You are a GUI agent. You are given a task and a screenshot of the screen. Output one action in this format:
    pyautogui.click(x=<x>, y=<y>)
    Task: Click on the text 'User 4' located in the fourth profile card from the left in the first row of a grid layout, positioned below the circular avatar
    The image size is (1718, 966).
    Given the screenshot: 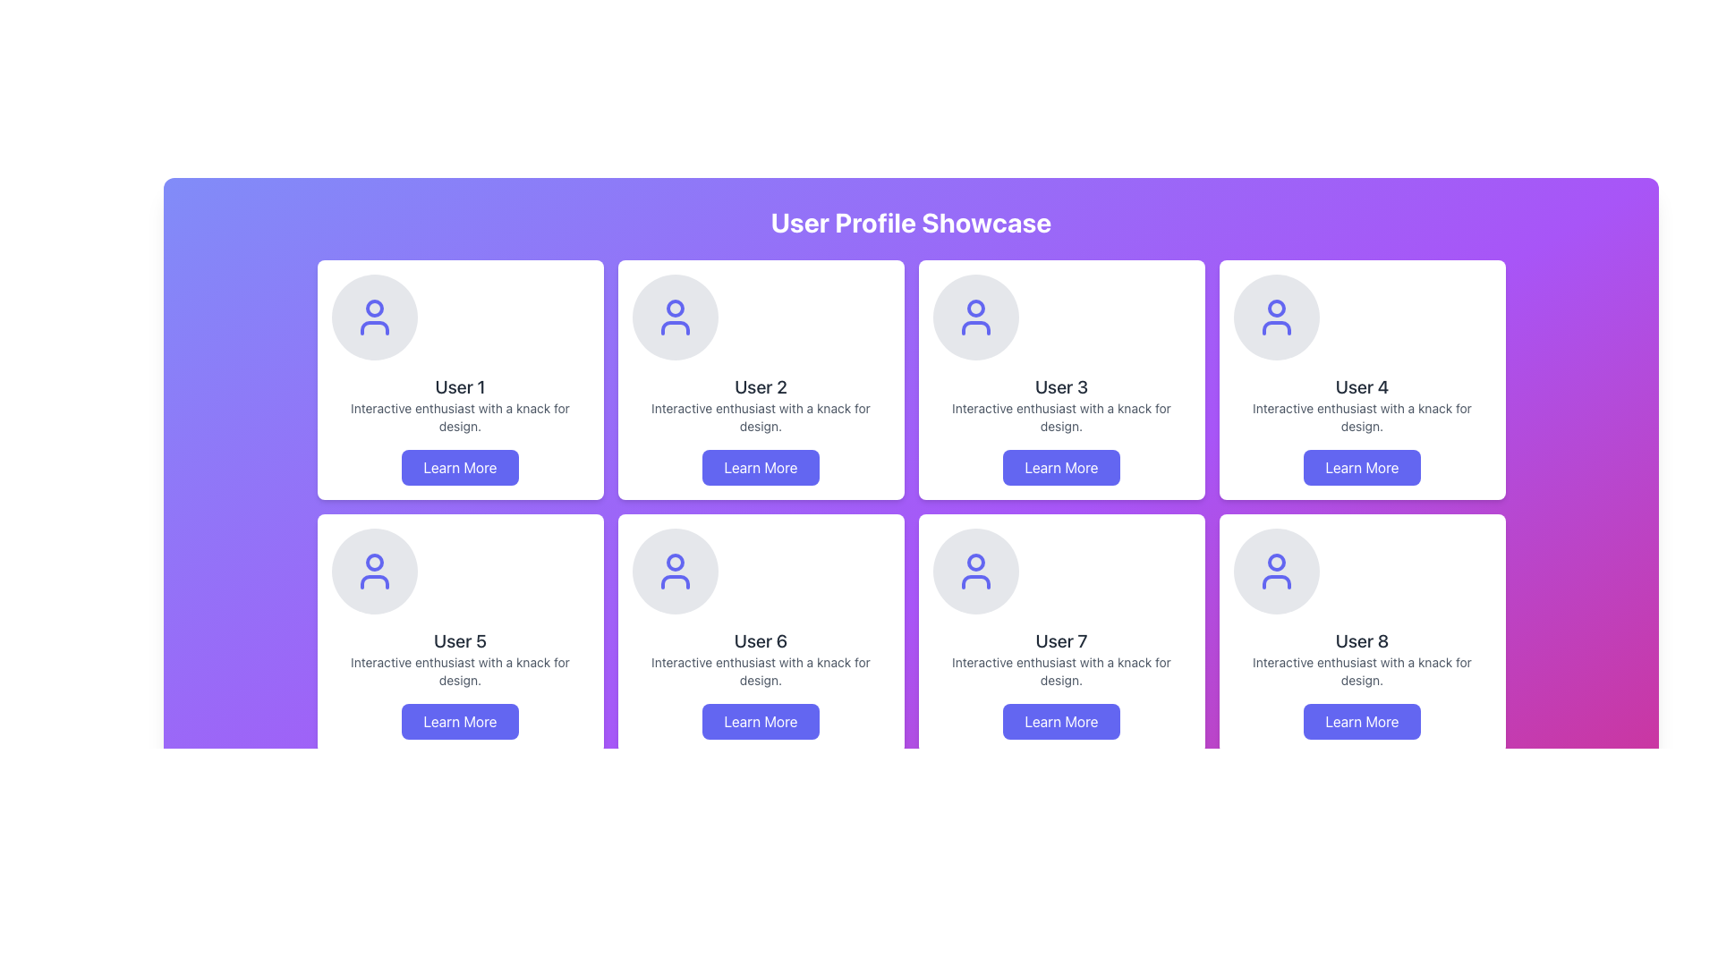 What is the action you would take?
    pyautogui.click(x=1361, y=386)
    